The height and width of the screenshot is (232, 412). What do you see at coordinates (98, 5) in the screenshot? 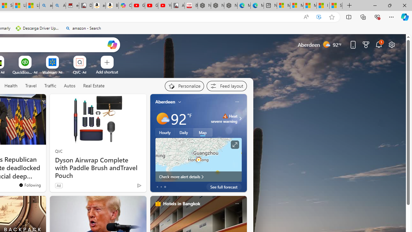
I see `'amazon.in/dp/B0CX59H5W7/?tag=gsmcom05-21'` at bounding box center [98, 5].